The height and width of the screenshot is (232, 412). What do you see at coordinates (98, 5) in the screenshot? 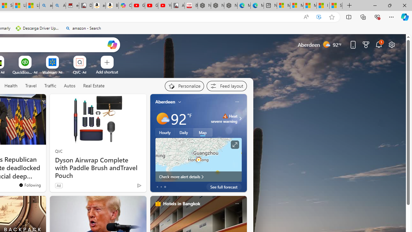
I see `'amazon.in/dp/B0CX59H5W7/?tag=gsmcom05-21'` at bounding box center [98, 5].